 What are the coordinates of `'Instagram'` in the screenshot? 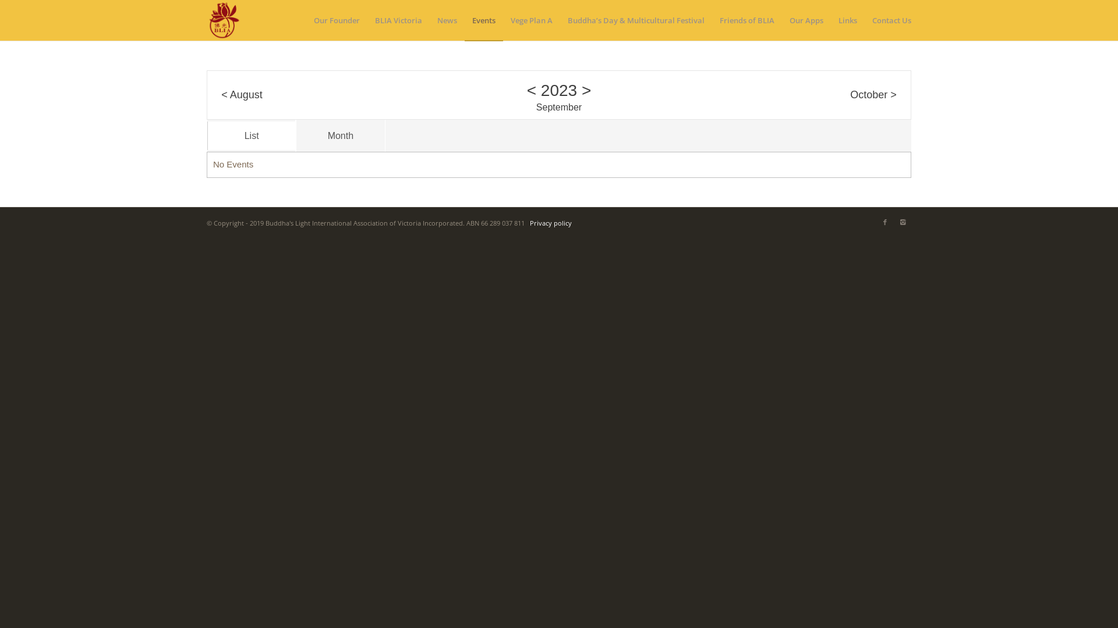 It's located at (893, 222).